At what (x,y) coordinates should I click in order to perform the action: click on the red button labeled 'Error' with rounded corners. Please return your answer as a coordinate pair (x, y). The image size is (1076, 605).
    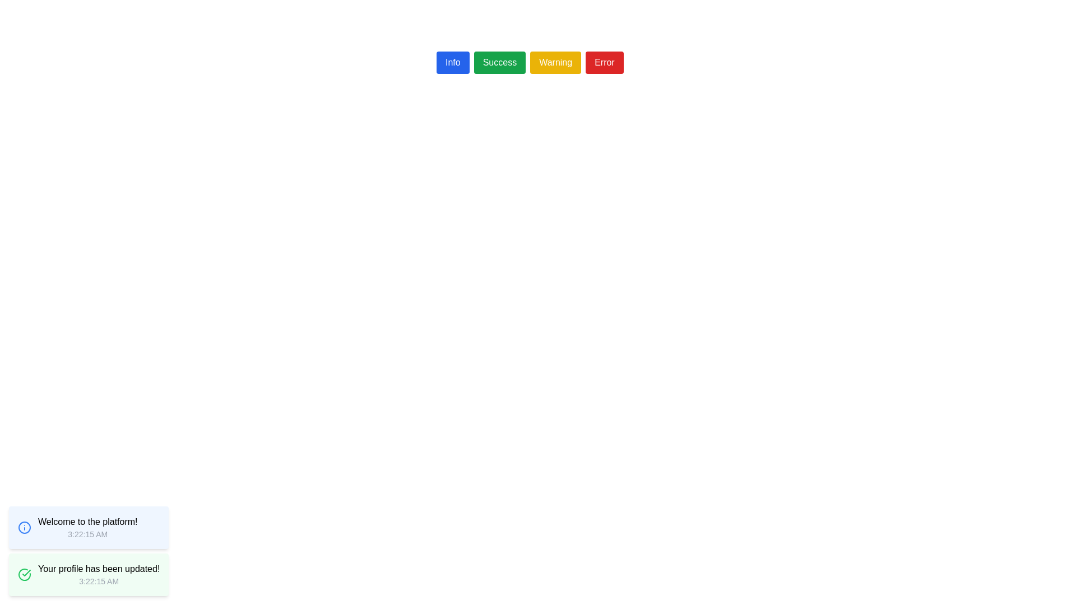
    Looking at the image, I should click on (604, 62).